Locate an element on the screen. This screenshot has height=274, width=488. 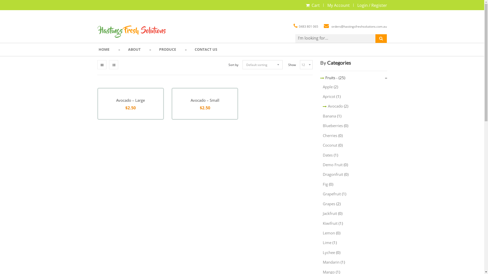
'Dragonfruit' is located at coordinates (333, 174).